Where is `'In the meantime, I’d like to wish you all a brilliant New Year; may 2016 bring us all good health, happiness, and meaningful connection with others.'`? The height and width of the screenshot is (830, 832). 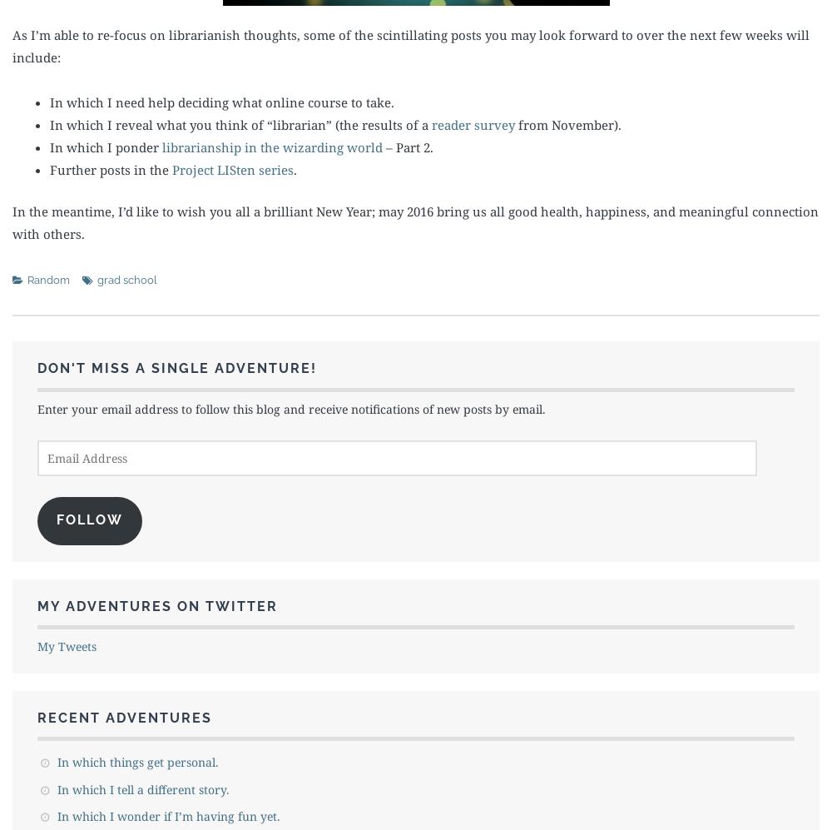
'In the meantime, I’d like to wish you all a brilliant New Year; may 2016 bring us all good health, happiness, and meaningful connection with others.' is located at coordinates (12, 221).